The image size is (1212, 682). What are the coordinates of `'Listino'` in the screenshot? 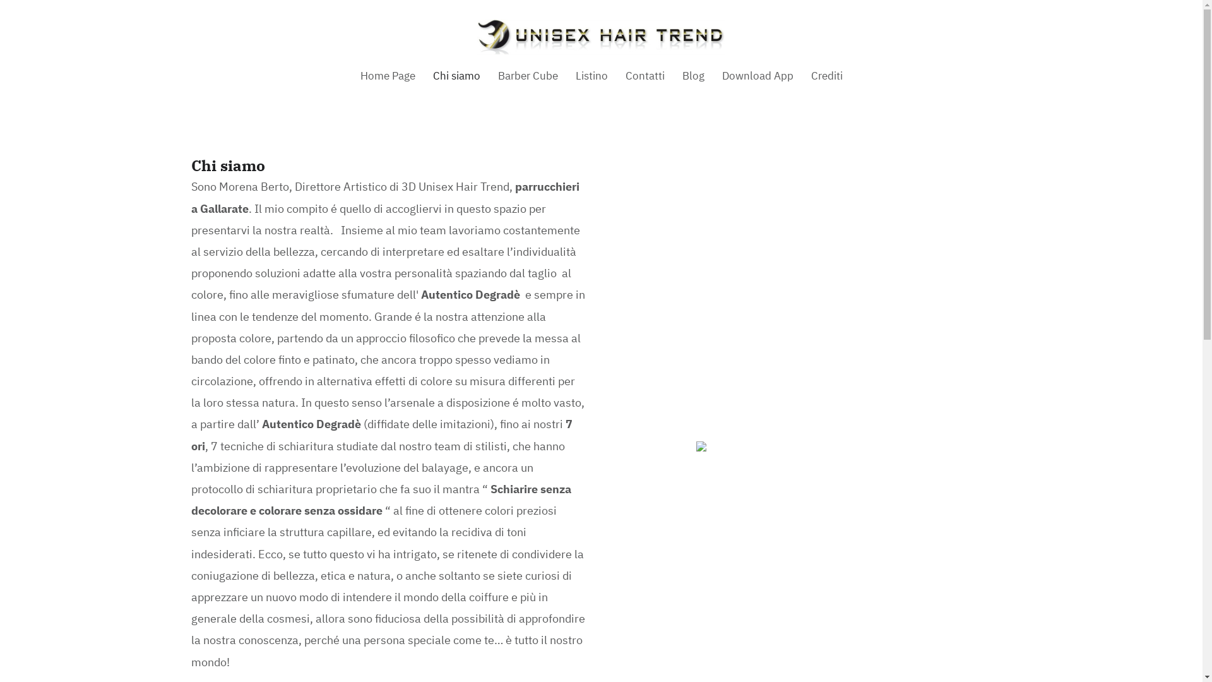 It's located at (591, 76).